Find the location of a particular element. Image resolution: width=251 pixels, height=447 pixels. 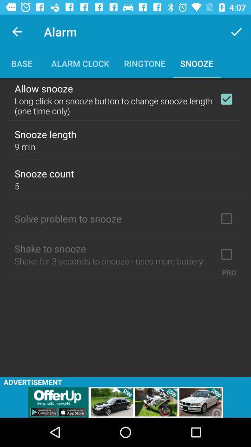

option is located at coordinates (226, 99).